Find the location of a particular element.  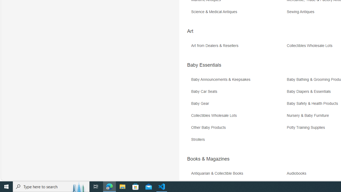

'Antiquarian & Collectible Books' is located at coordinates (218, 173).